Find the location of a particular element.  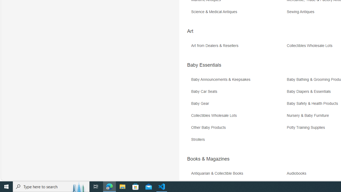

'Antiquarian & Collectible Books' is located at coordinates (218, 173).